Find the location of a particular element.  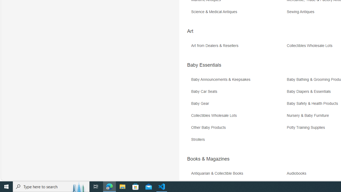

'Antiquarian & Collectible Books' is located at coordinates (218, 173).